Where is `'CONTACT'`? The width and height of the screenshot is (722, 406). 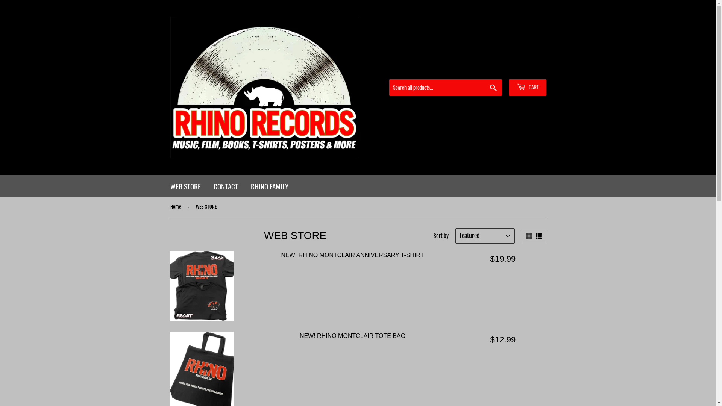
'CONTACT' is located at coordinates (208, 186).